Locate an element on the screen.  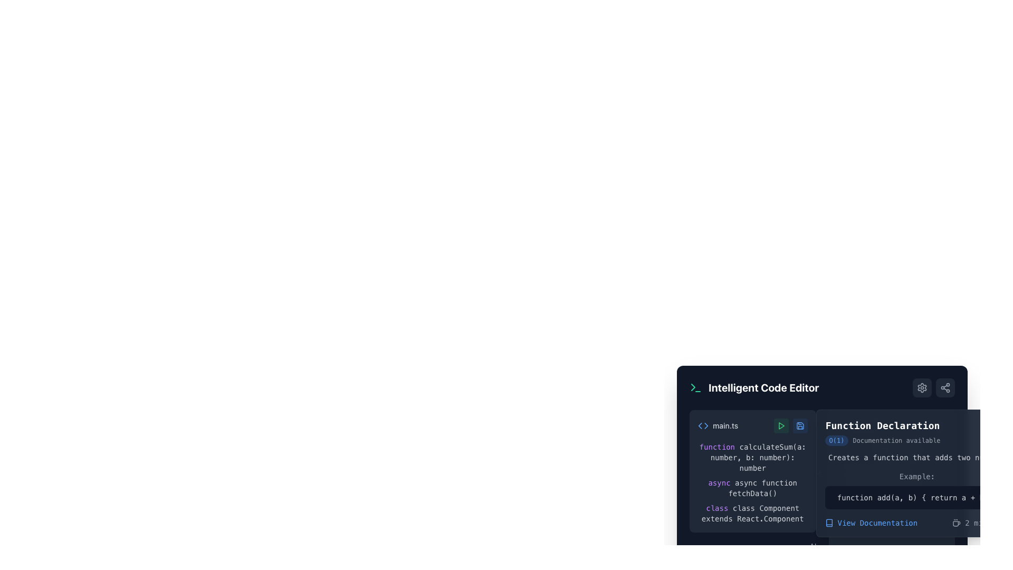
the blue-stroked SVG icon representing a code symbol, which is located to the left of the 'main.ts' text label is located at coordinates (703, 425).